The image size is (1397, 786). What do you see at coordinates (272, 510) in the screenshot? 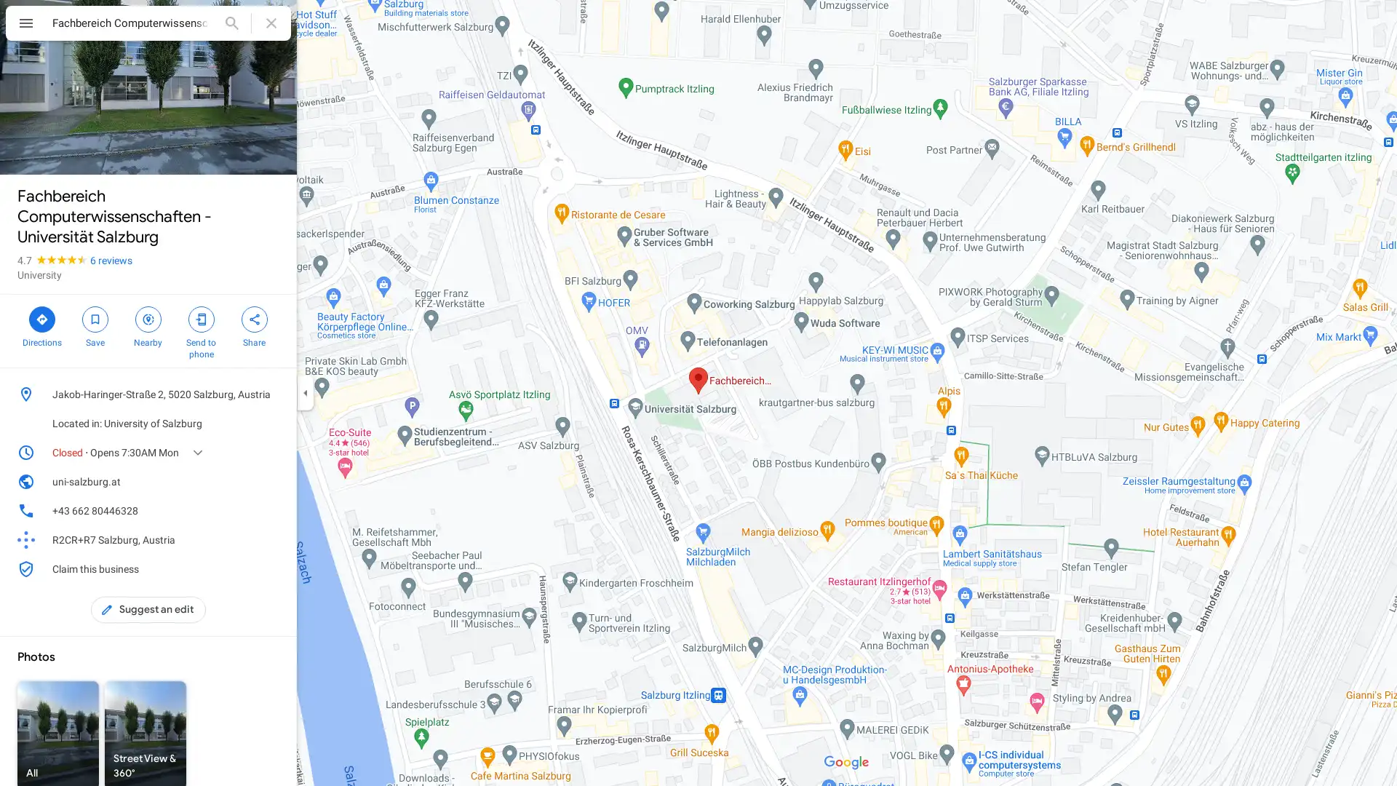
I see `Call phone number` at bounding box center [272, 510].